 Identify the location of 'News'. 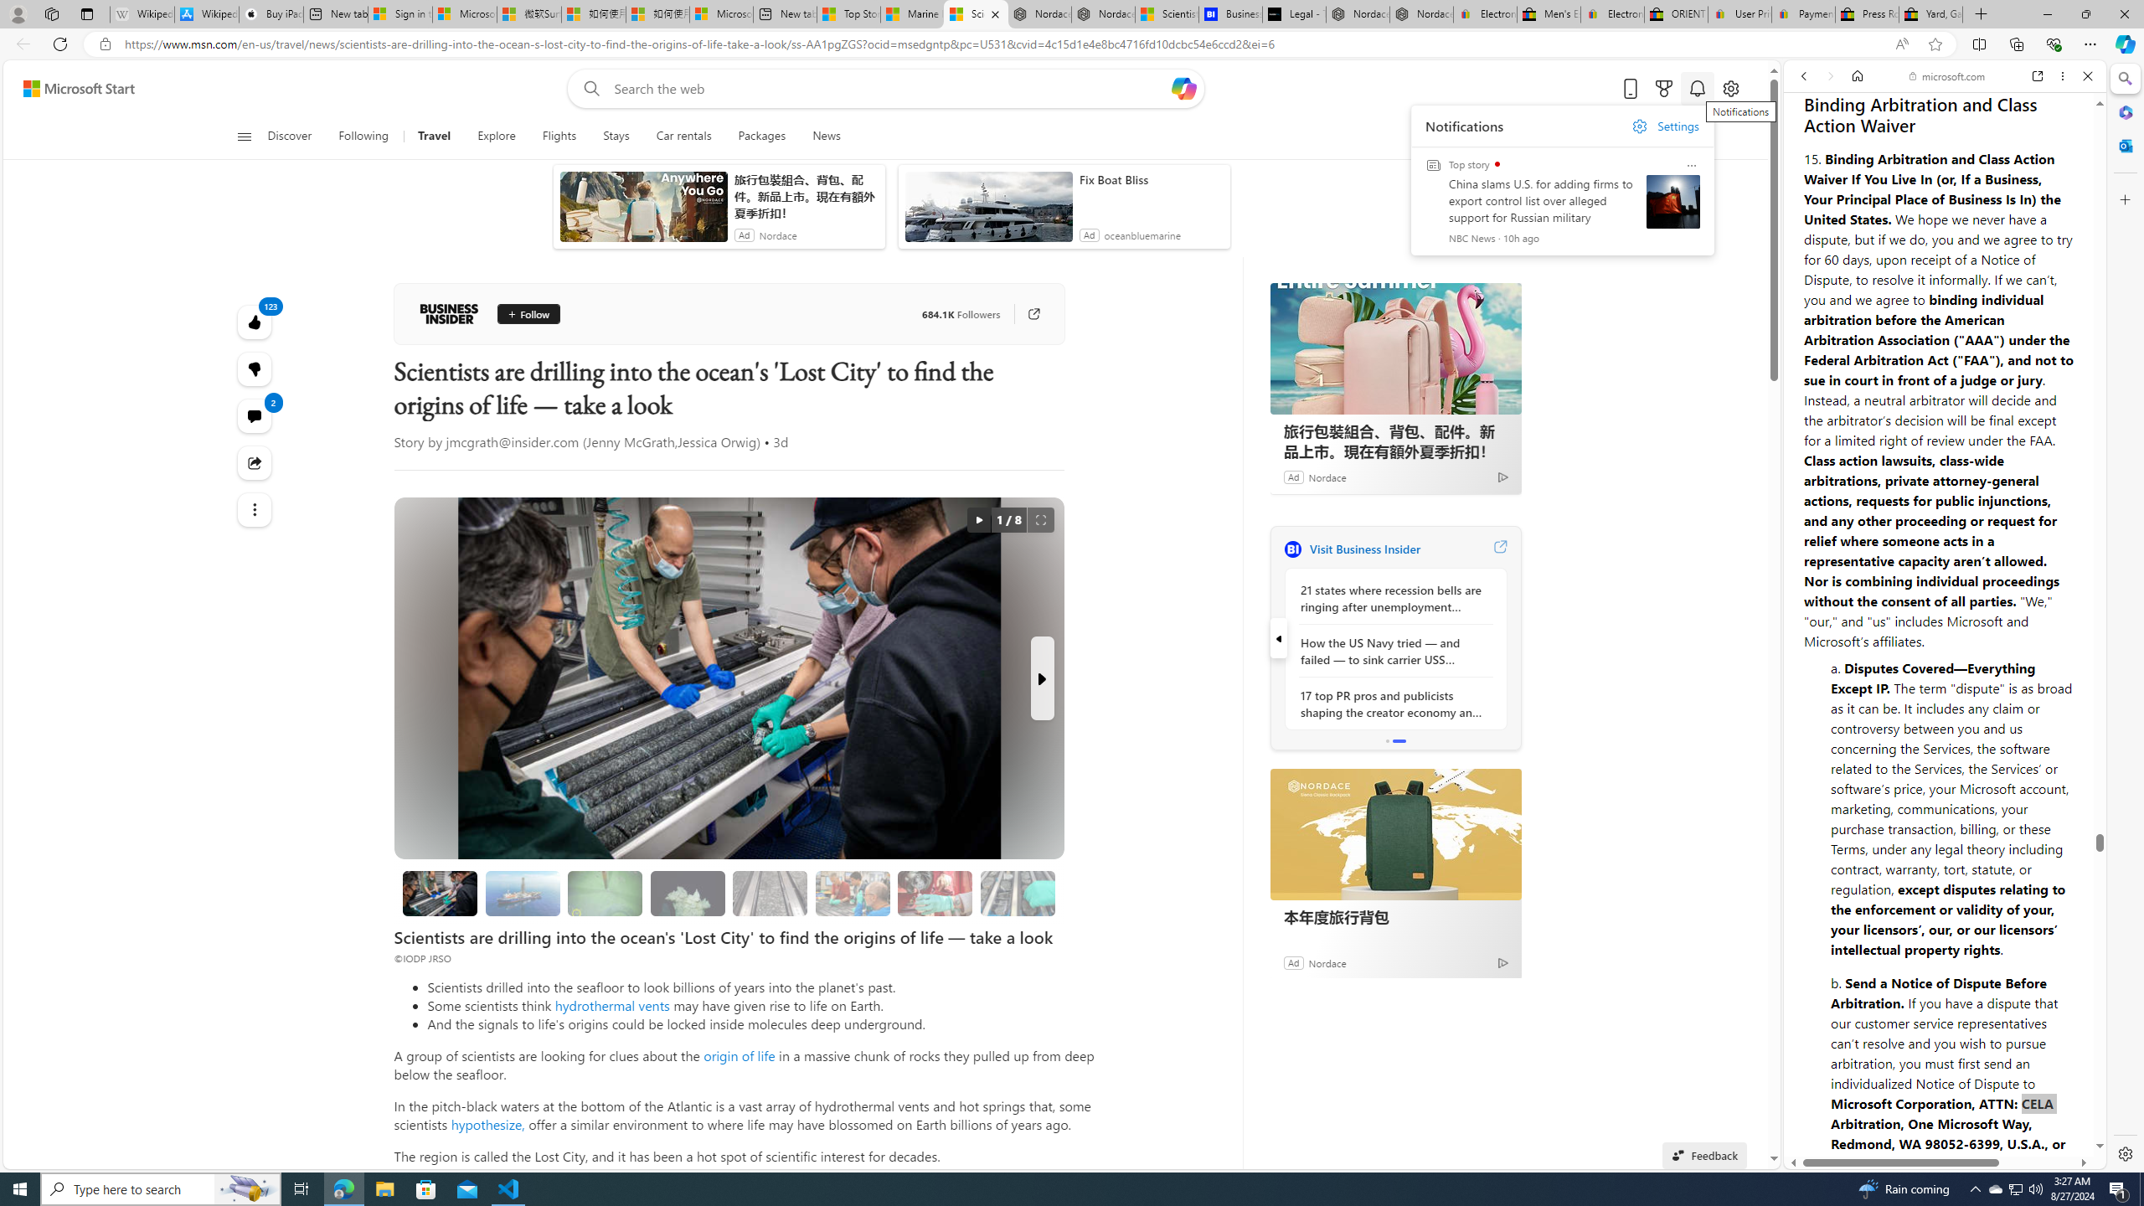
(826, 136).